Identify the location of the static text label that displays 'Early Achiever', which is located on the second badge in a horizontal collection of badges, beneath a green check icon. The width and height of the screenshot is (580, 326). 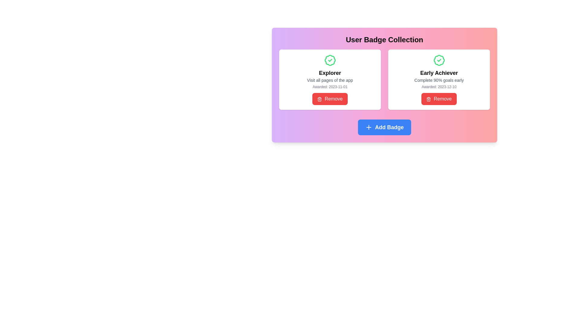
(439, 73).